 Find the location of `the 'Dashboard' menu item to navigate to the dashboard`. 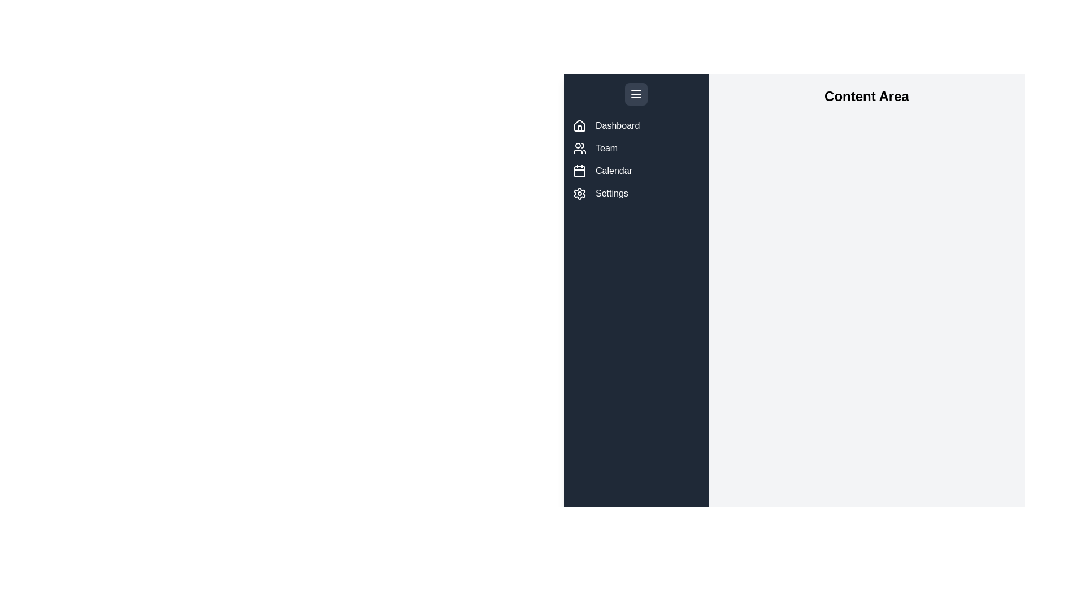

the 'Dashboard' menu item to navigate to the dashboard is located at coordinates (636, 126).